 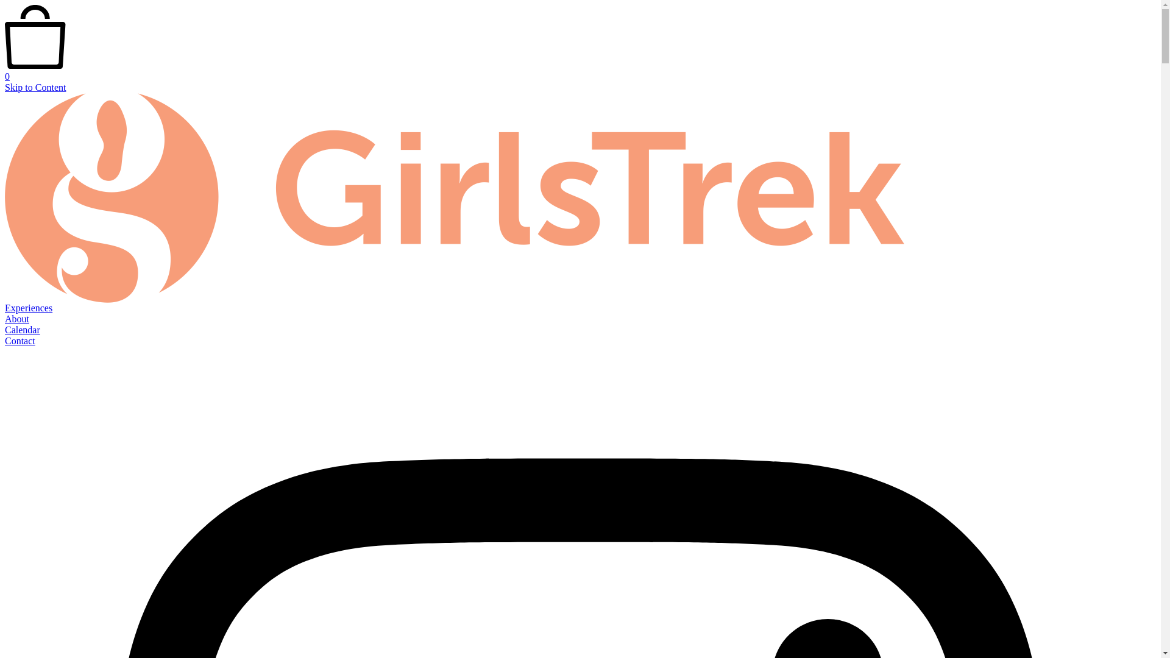 I want to click on 'About', so click(x=17, y=318).